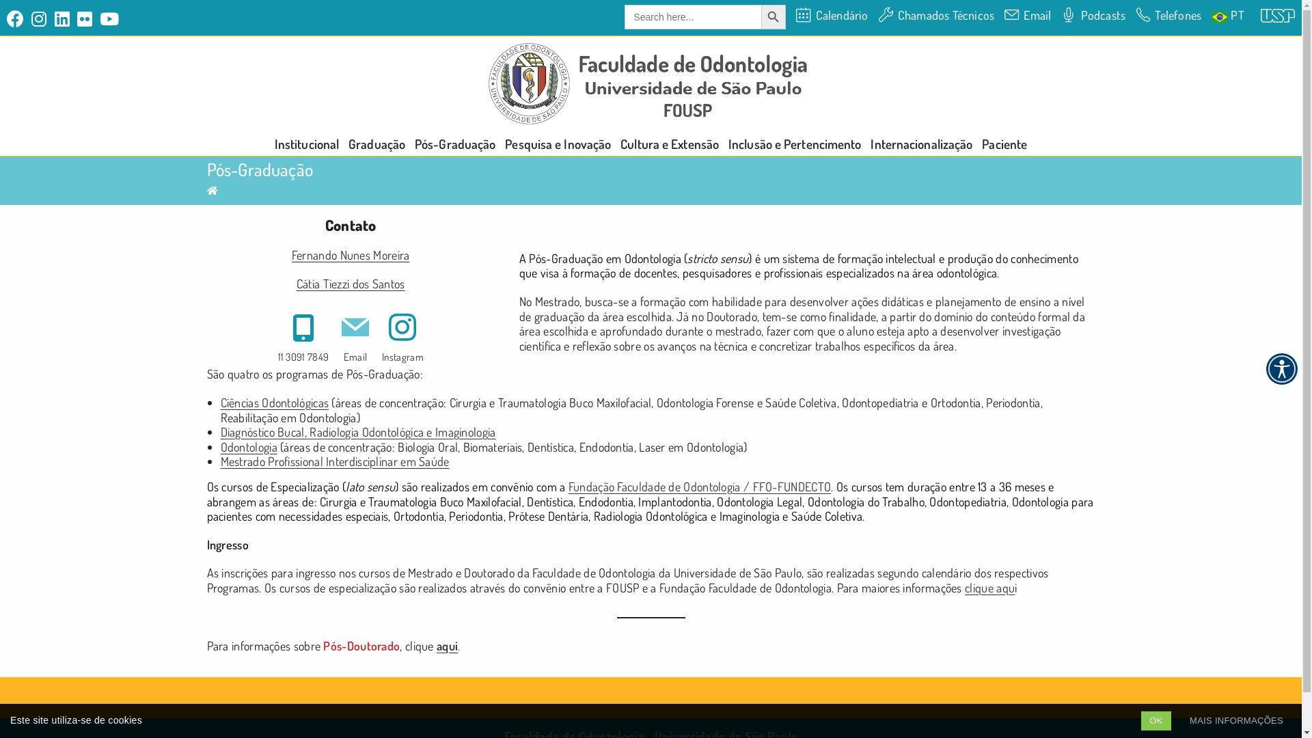 Image resolution: width=1312 pixels, height=738 pixels. Describe the element at coordinates (1004, 143) in the screenshot. I see `'Paciente'` at that location.